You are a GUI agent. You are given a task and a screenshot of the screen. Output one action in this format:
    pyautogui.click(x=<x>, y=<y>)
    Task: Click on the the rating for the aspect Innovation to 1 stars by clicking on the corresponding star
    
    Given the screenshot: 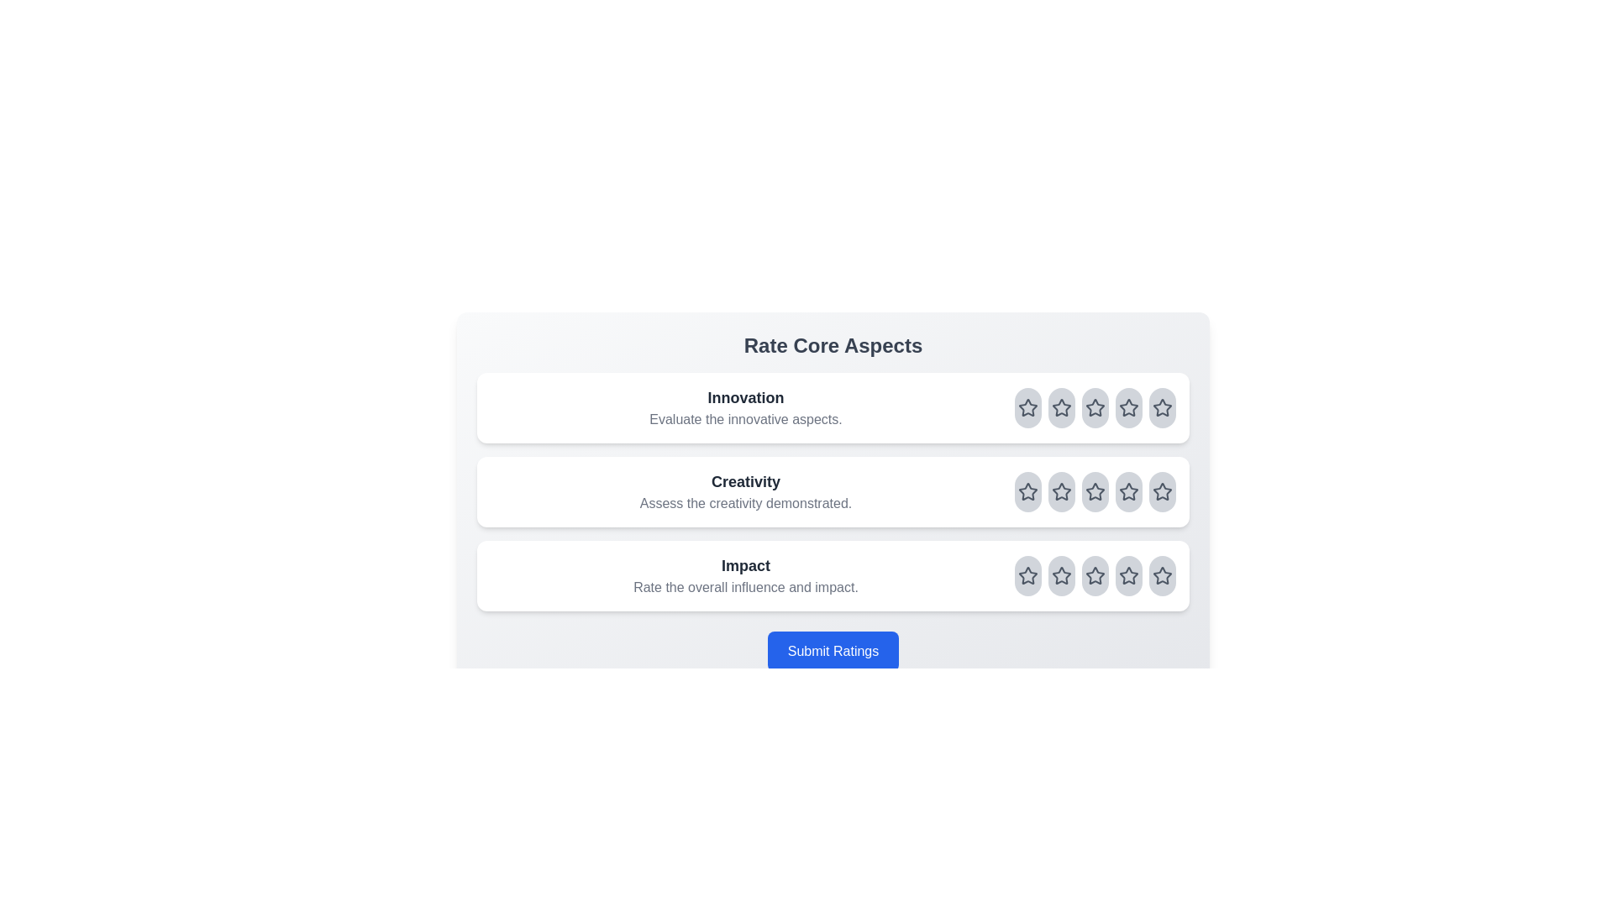 What is the action you would take?
    pyautogui.click(x=1027, y=408)
    